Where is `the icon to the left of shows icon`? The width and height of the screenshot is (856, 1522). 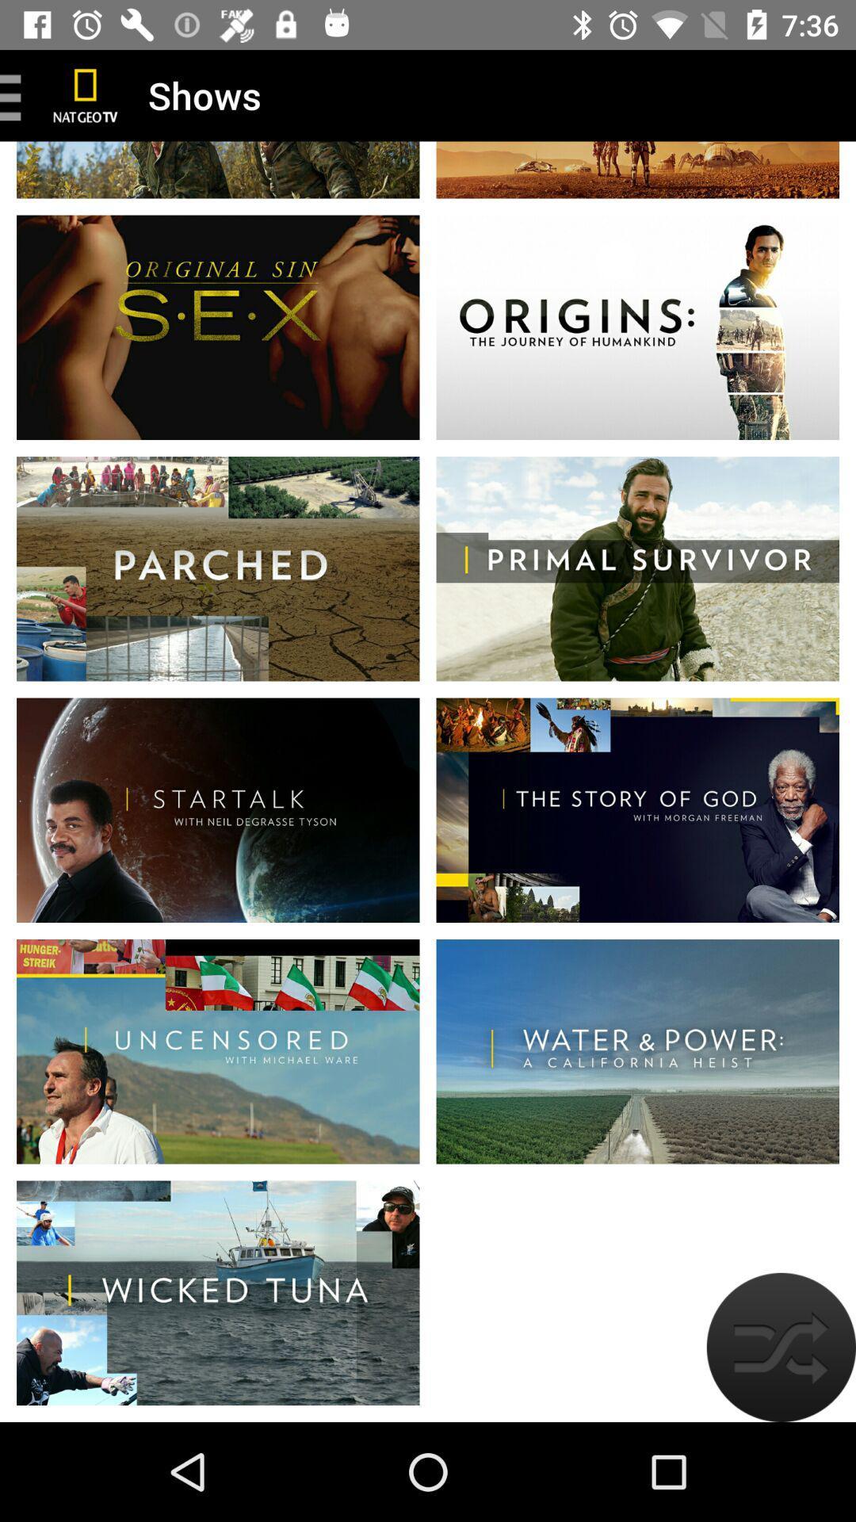
the icon to the left of shows icon is located at coordinates (86, 94).